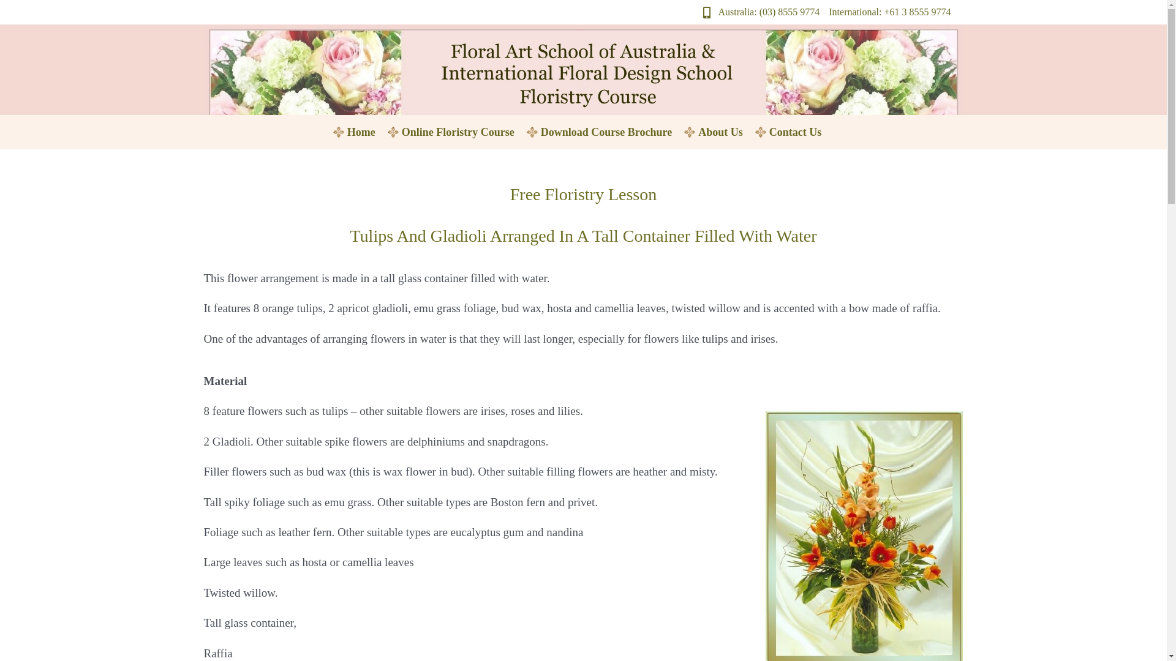  Describe the element at coordinates (796, 132) in the screenshot. I see `'Contact Us'` at that location.